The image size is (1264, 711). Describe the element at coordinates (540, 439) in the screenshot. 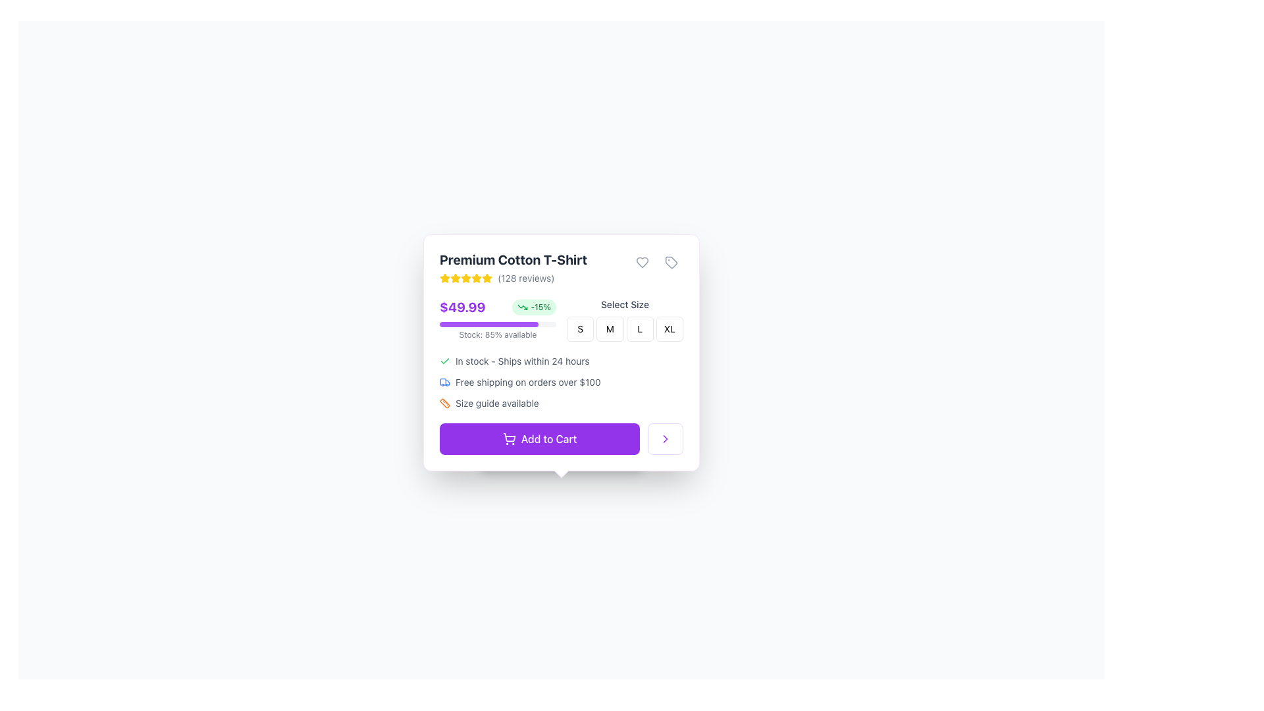

I see `the first button located in the bottom-left corner of the product details card` at that location.